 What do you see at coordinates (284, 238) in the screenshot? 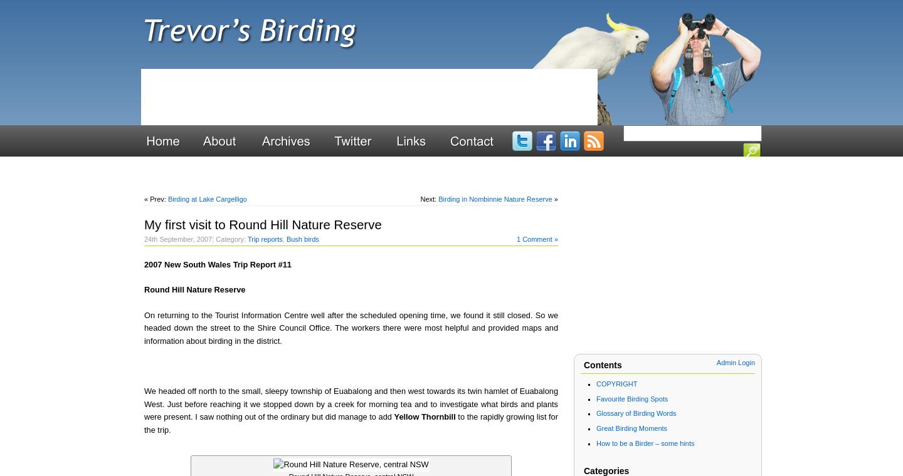
I see `','` at bounding box center [284, 238].